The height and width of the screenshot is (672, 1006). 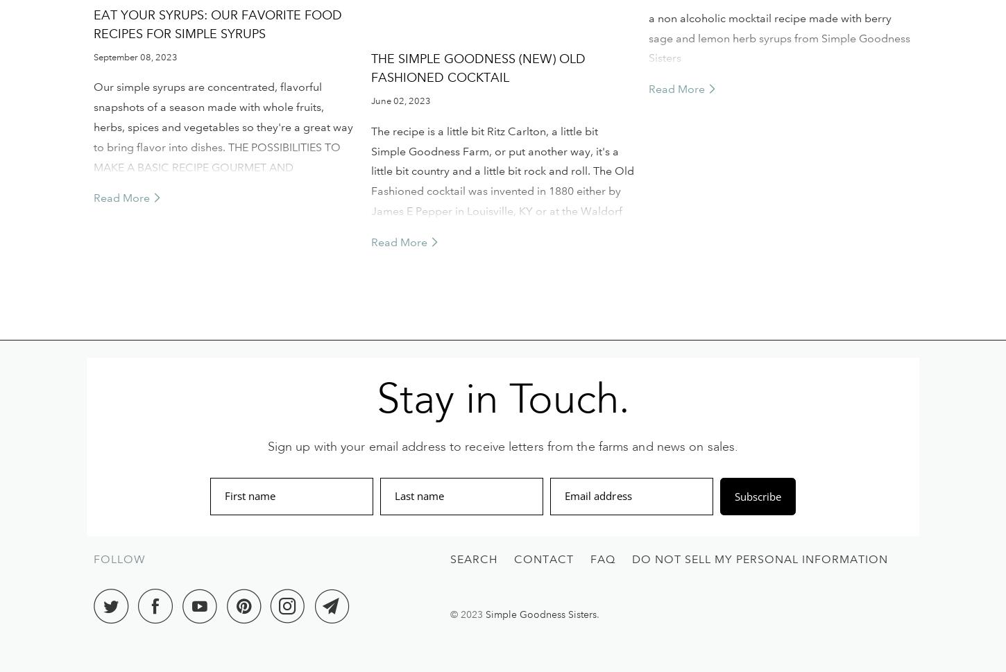 What do you see at coordinates (544, 559) in the screenshot?
I see `'Contact'` at bounding box center [544, 559].